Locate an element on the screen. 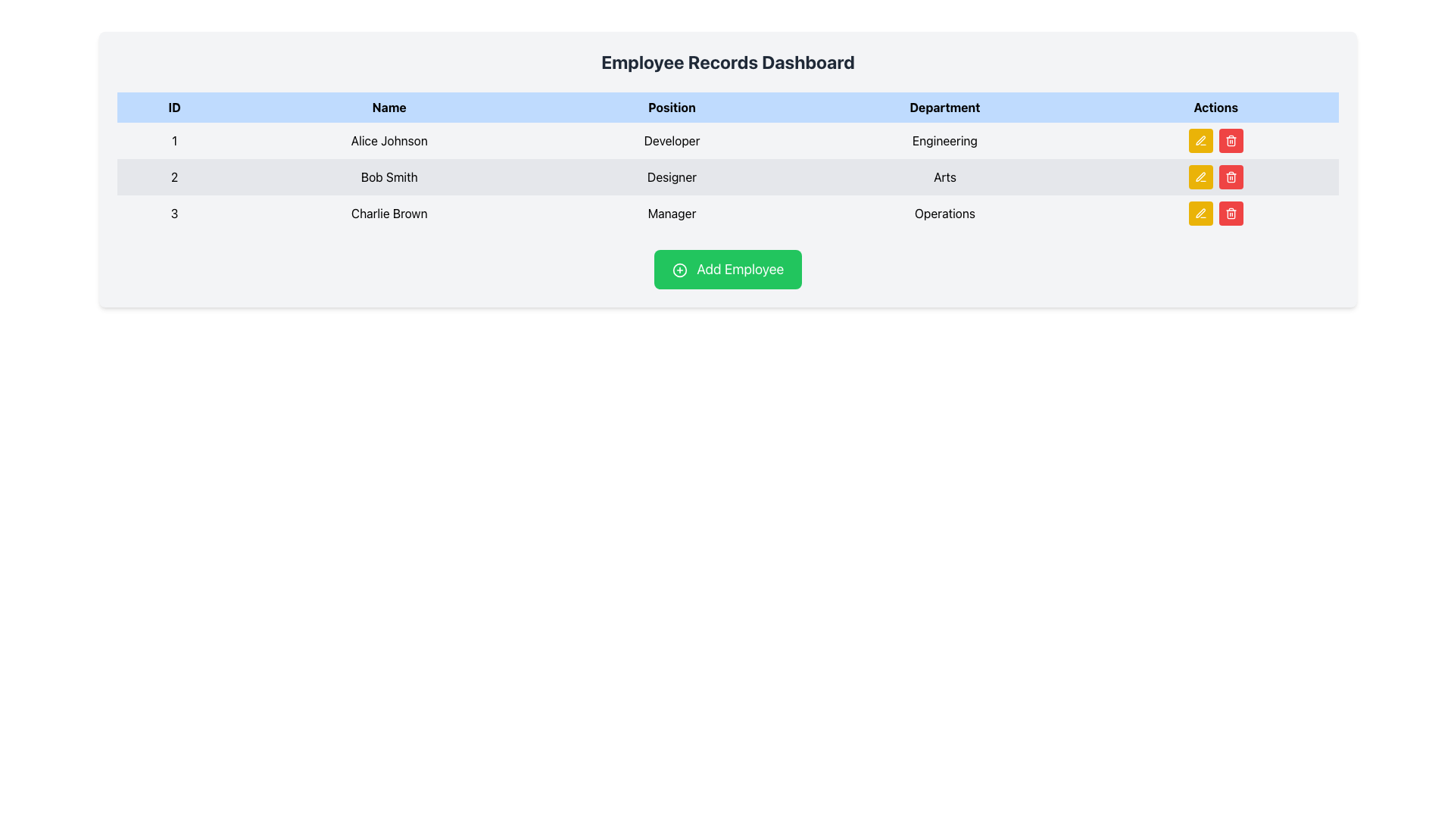 This screenshot has height=818, width=1454. the 'Department' column header in the table, which indicates that the column contains department-related data is located at coordinates (944, 107).